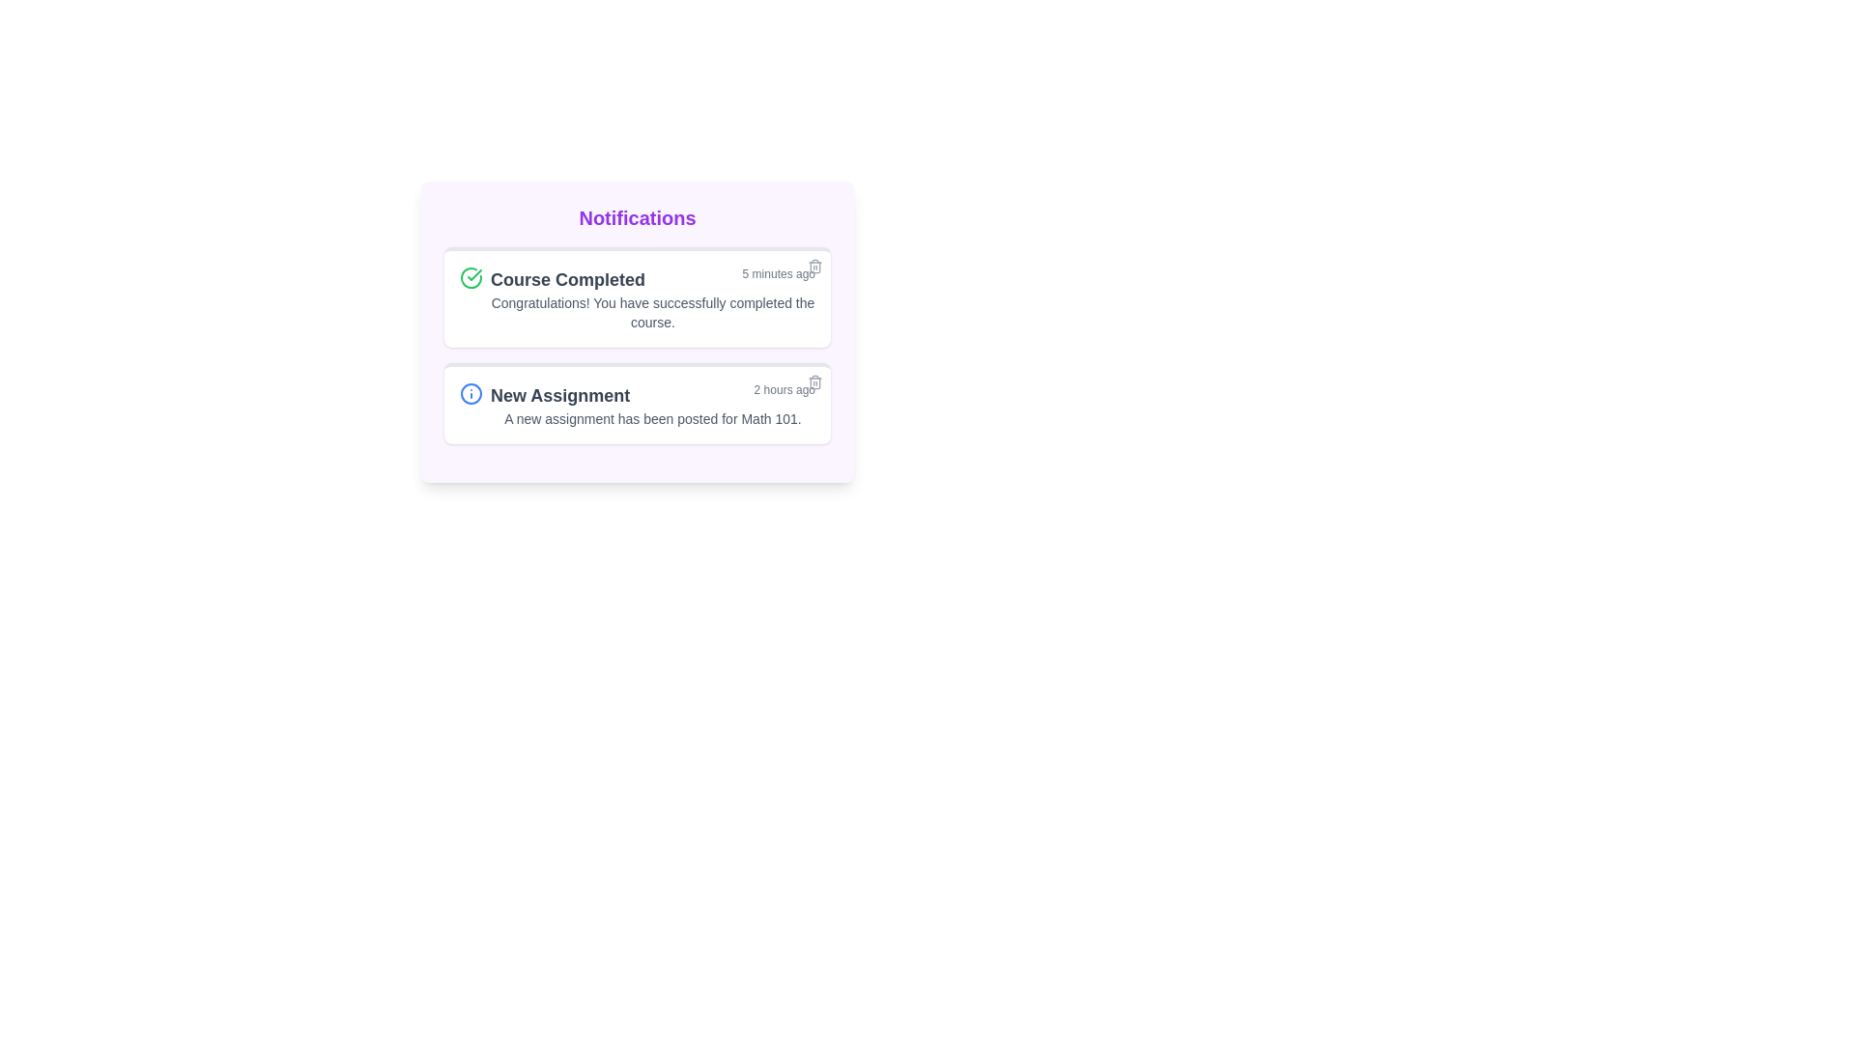  Describe the element at coordinates (653, 312) in the screenshot. I see `congratulatory message displayed within the notification card under the title 'Course Completed' and above the timestamp '5 minutes ago'` at that location.